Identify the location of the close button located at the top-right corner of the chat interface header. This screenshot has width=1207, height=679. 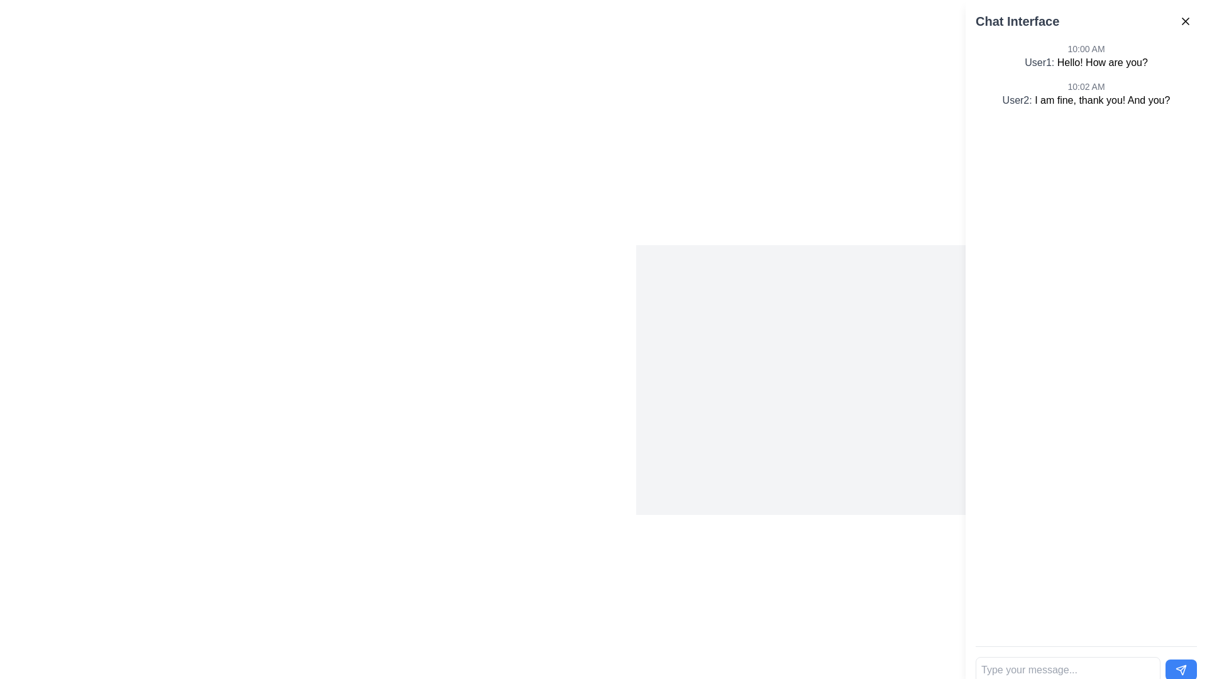
(1185, 21).